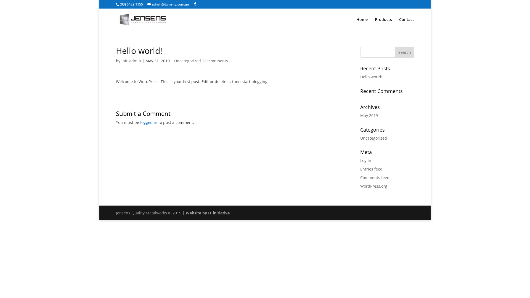 This screenshot has width=530, height=298. What do you see at coordinates (149, 122) in the screenshot?
I see `'logged in'` at bounding box center [149, 122].